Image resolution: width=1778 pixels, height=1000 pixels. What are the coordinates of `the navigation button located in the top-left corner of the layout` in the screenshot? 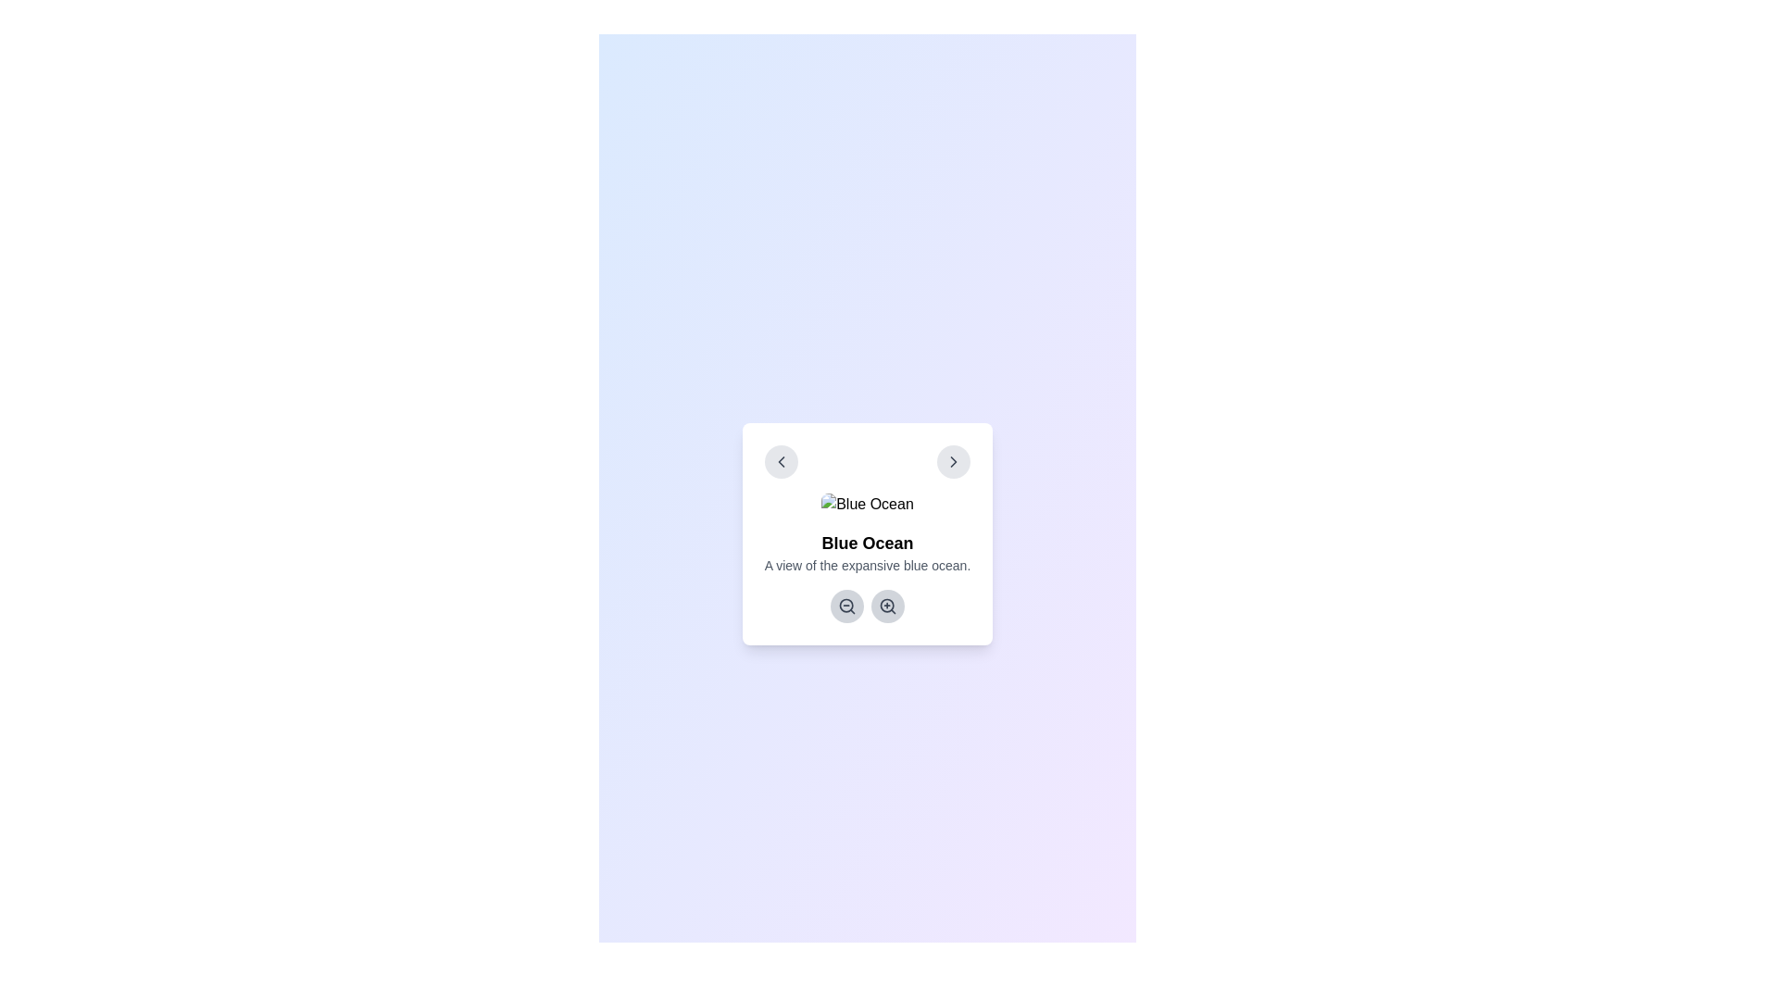 It's located at (781, 460).